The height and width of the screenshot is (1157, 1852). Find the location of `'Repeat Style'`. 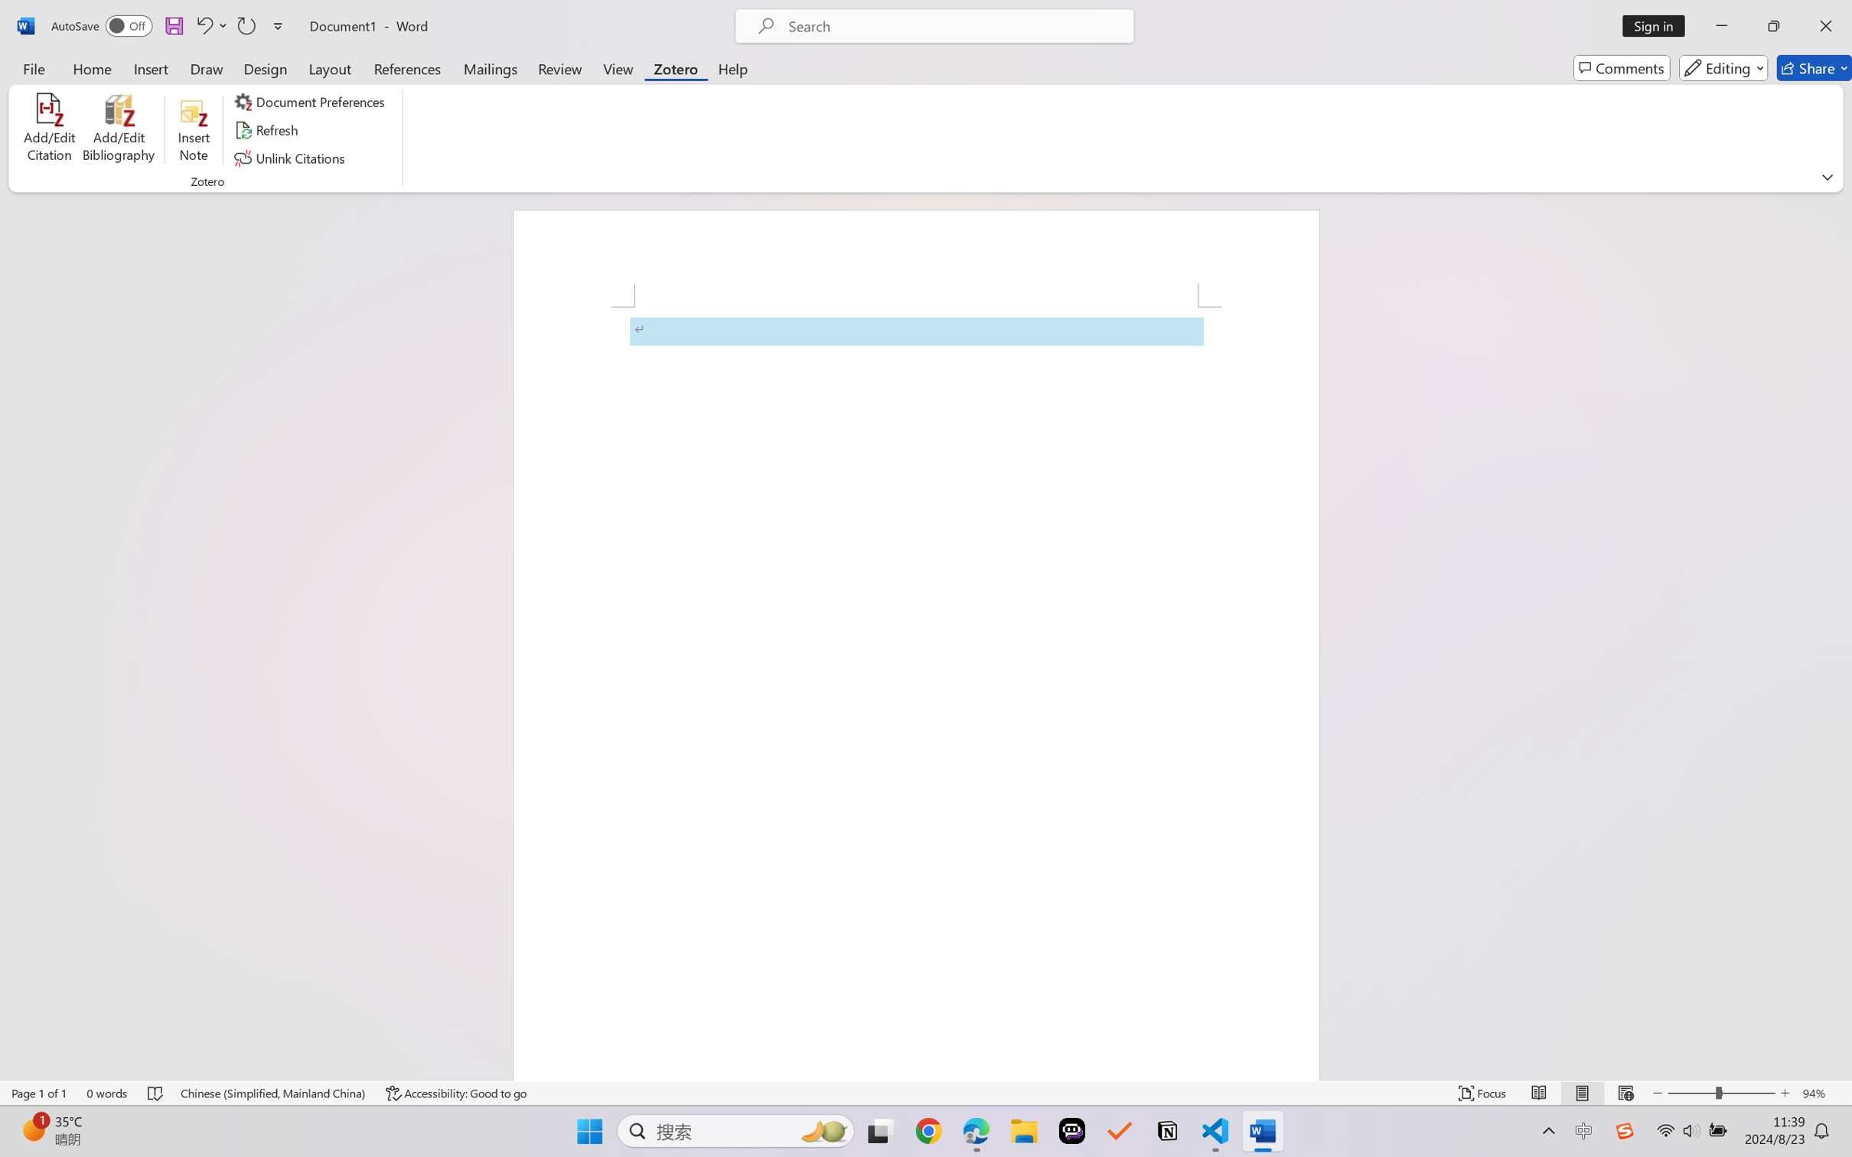

'Repeat Style' is located at coordinates (245, 25).